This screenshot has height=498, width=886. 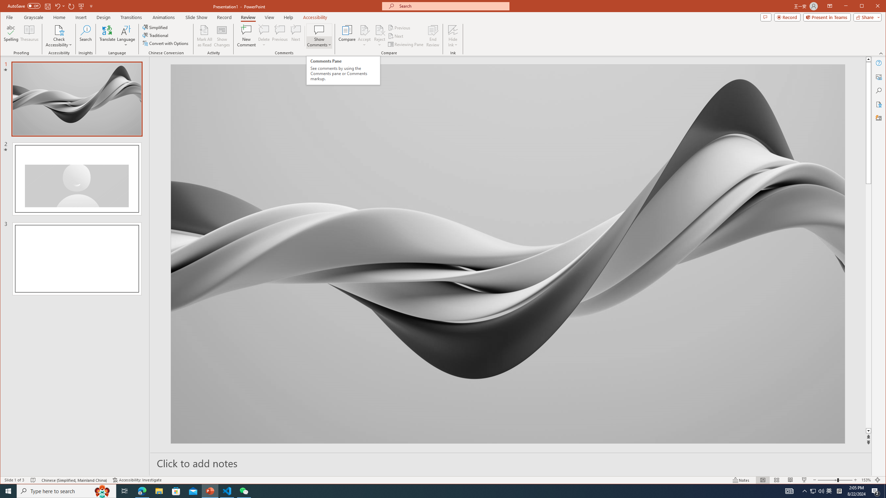 I want to click on 'Reject', so click(x=379, y=36).